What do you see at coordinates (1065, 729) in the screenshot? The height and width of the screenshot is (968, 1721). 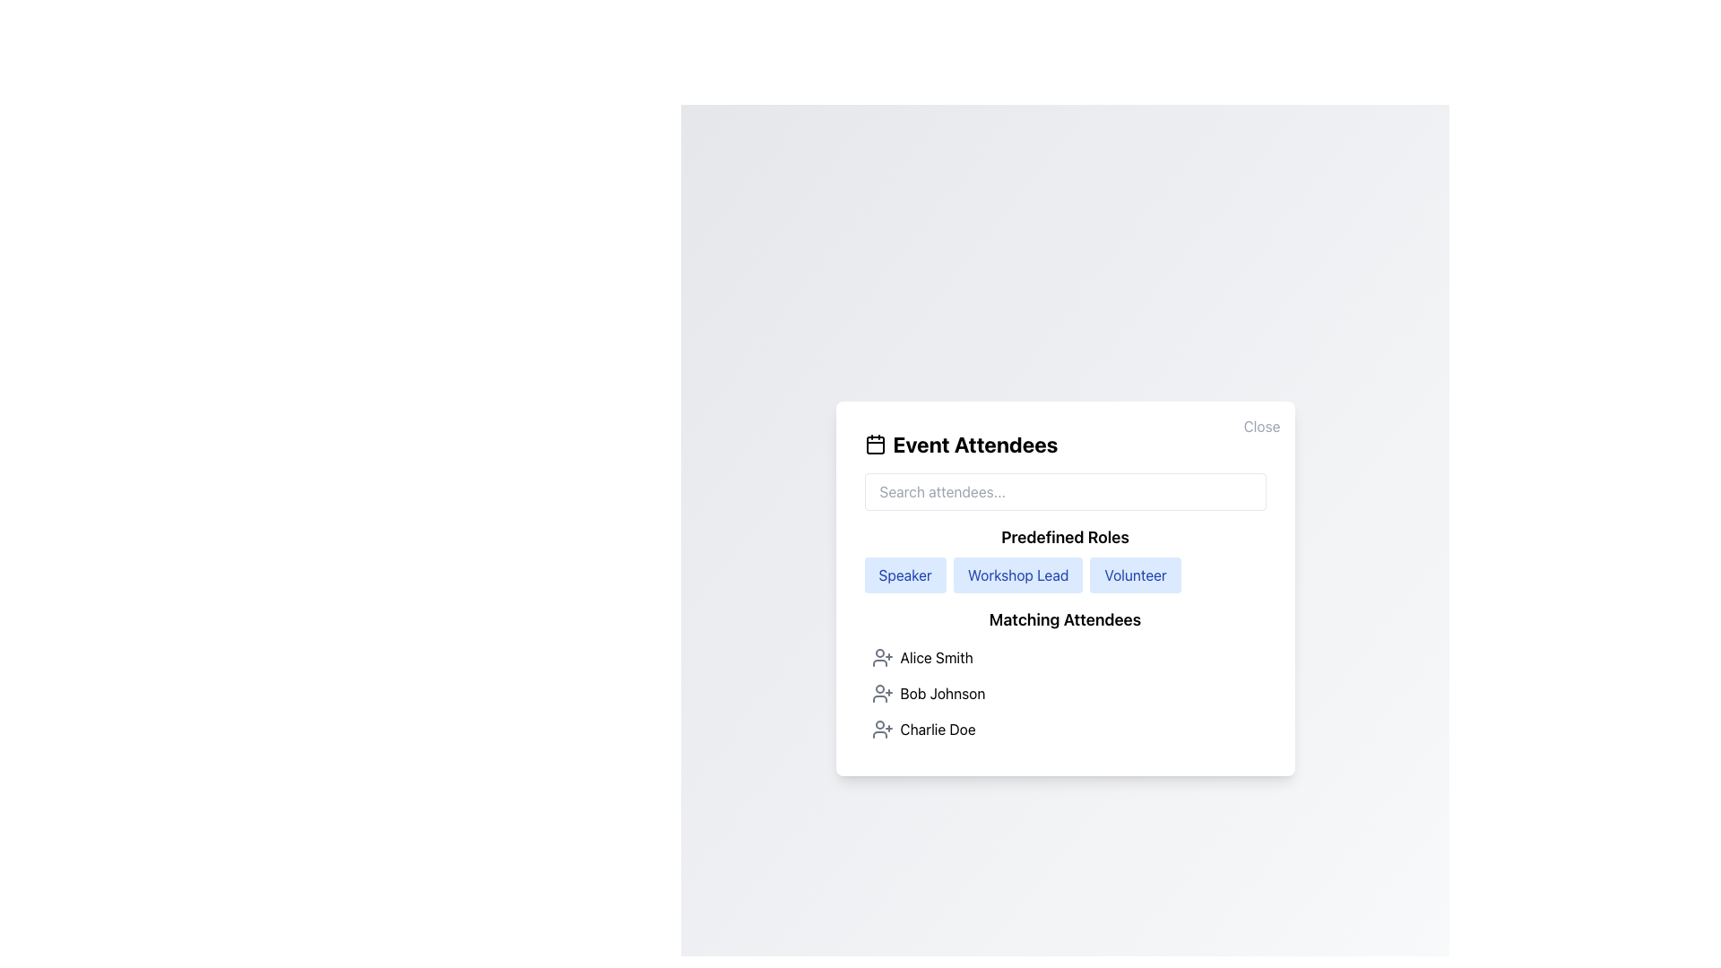 I see `the selectable list item representing attendee 'Charlie Doe'` at bounding box center [1065, 729].